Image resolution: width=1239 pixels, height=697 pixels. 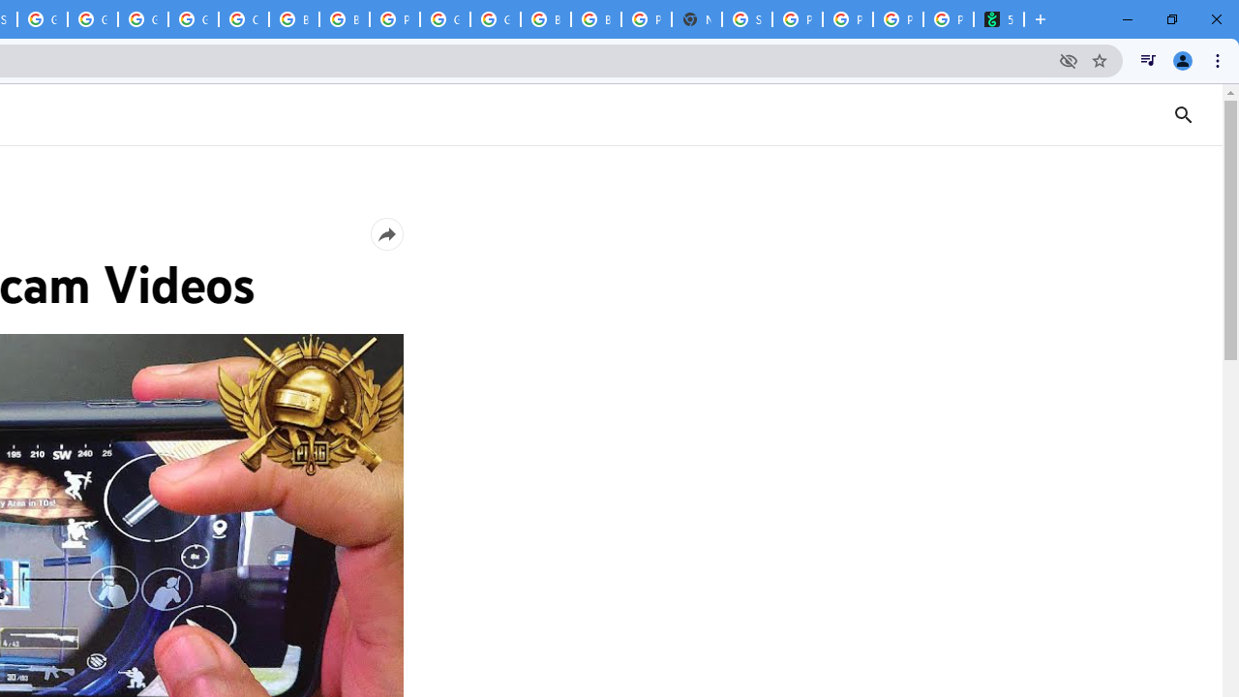 What do you see at coordinates (544, 19) in the screenshot?
I see `'Browse Chrome as a guest - Computer - Google Chrome Help'` at bounding box center [544, 19].